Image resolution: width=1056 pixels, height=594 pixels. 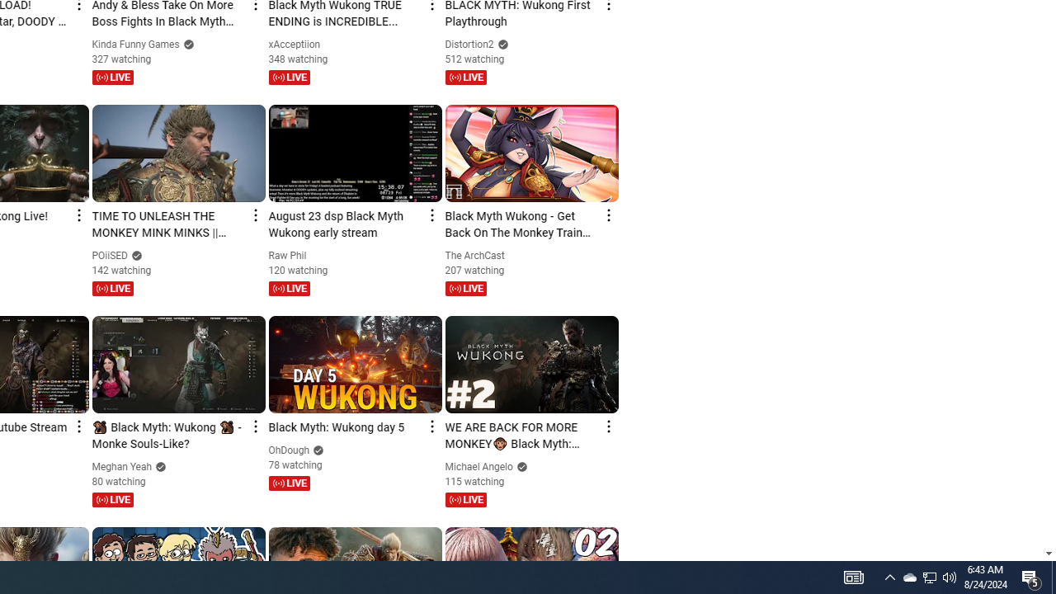 I want to click on 'Raw Phil', so click(x=287, y=255).